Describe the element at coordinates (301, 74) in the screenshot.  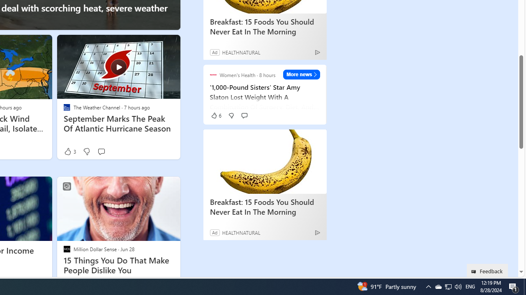
I see `'More news'` at that location.